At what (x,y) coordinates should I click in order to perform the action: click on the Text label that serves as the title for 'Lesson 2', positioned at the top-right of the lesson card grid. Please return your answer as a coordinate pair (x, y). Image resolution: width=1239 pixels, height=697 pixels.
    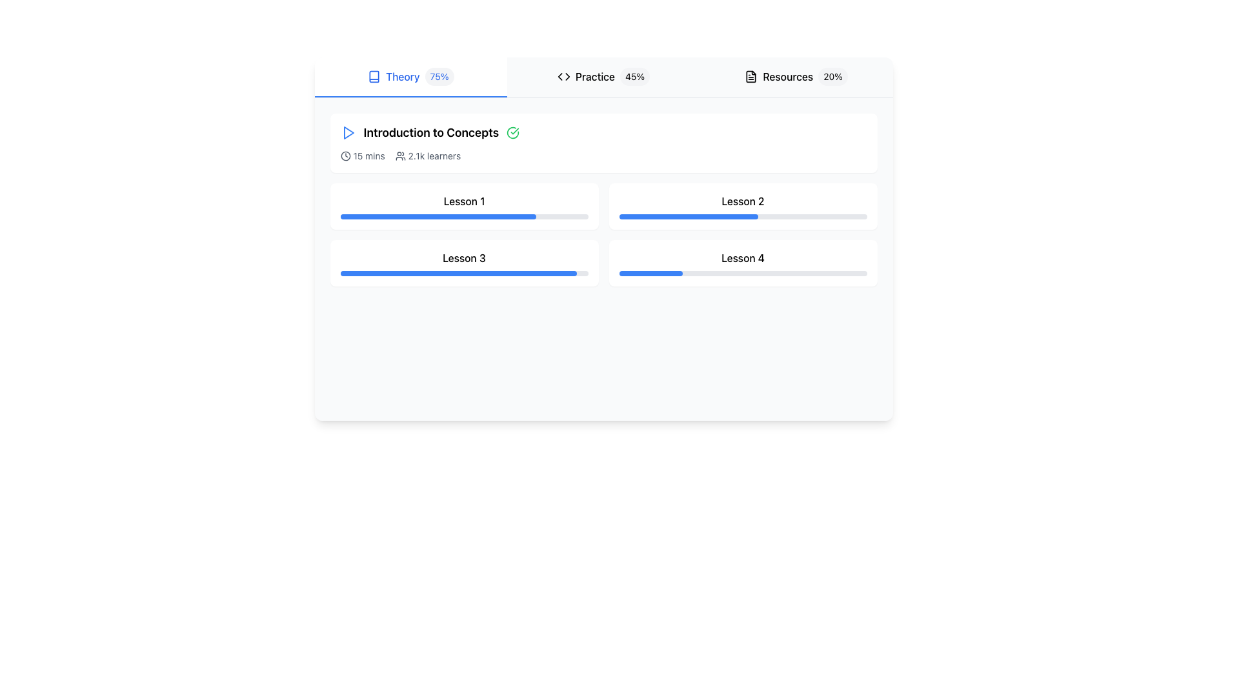
    Looking at the image, I should click on (743, 201).